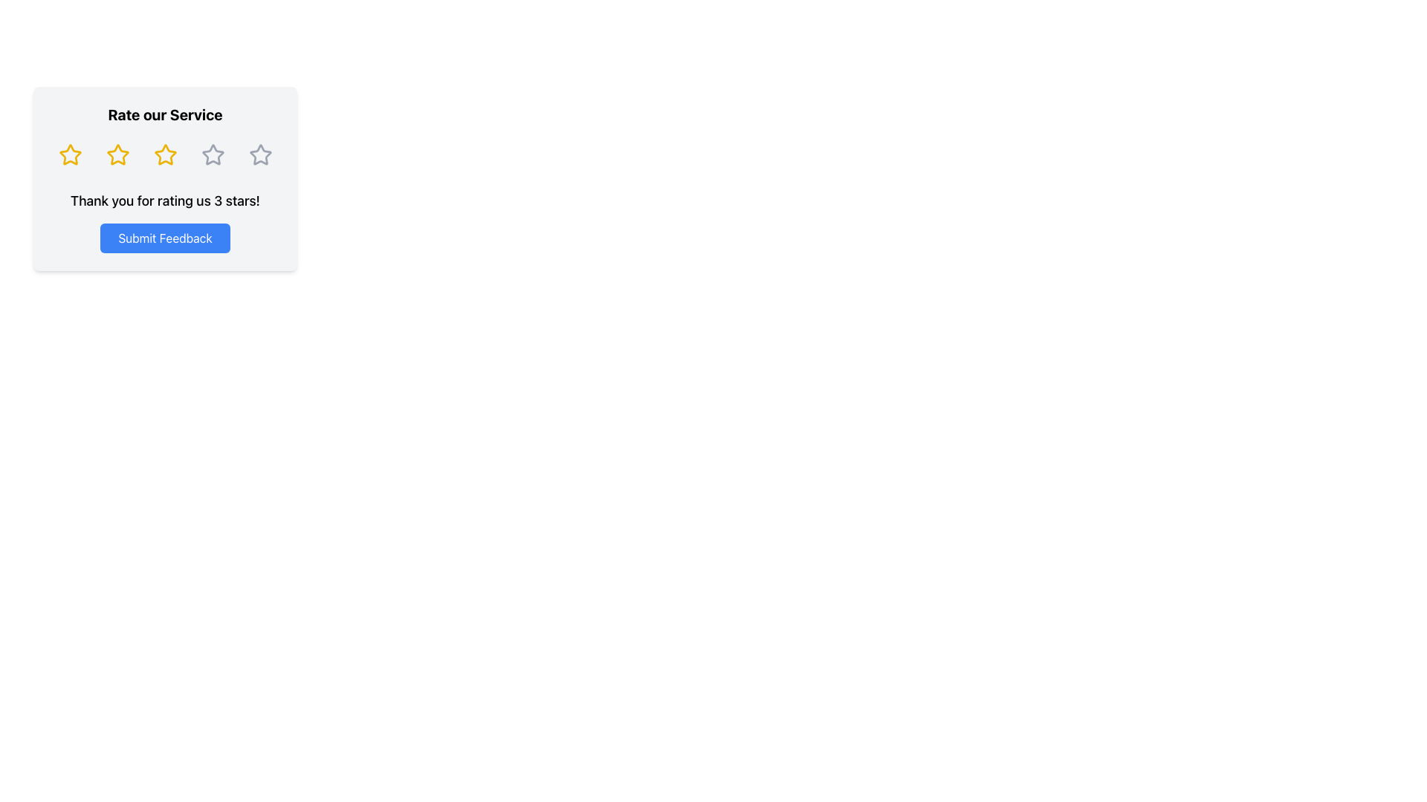 Image resolution: width=1427 pixels, height=802 pixels. What do you see at coordinates (212, 154) in the screenshot?
I see `the fourth star icon` at bounding box center [212, 154].